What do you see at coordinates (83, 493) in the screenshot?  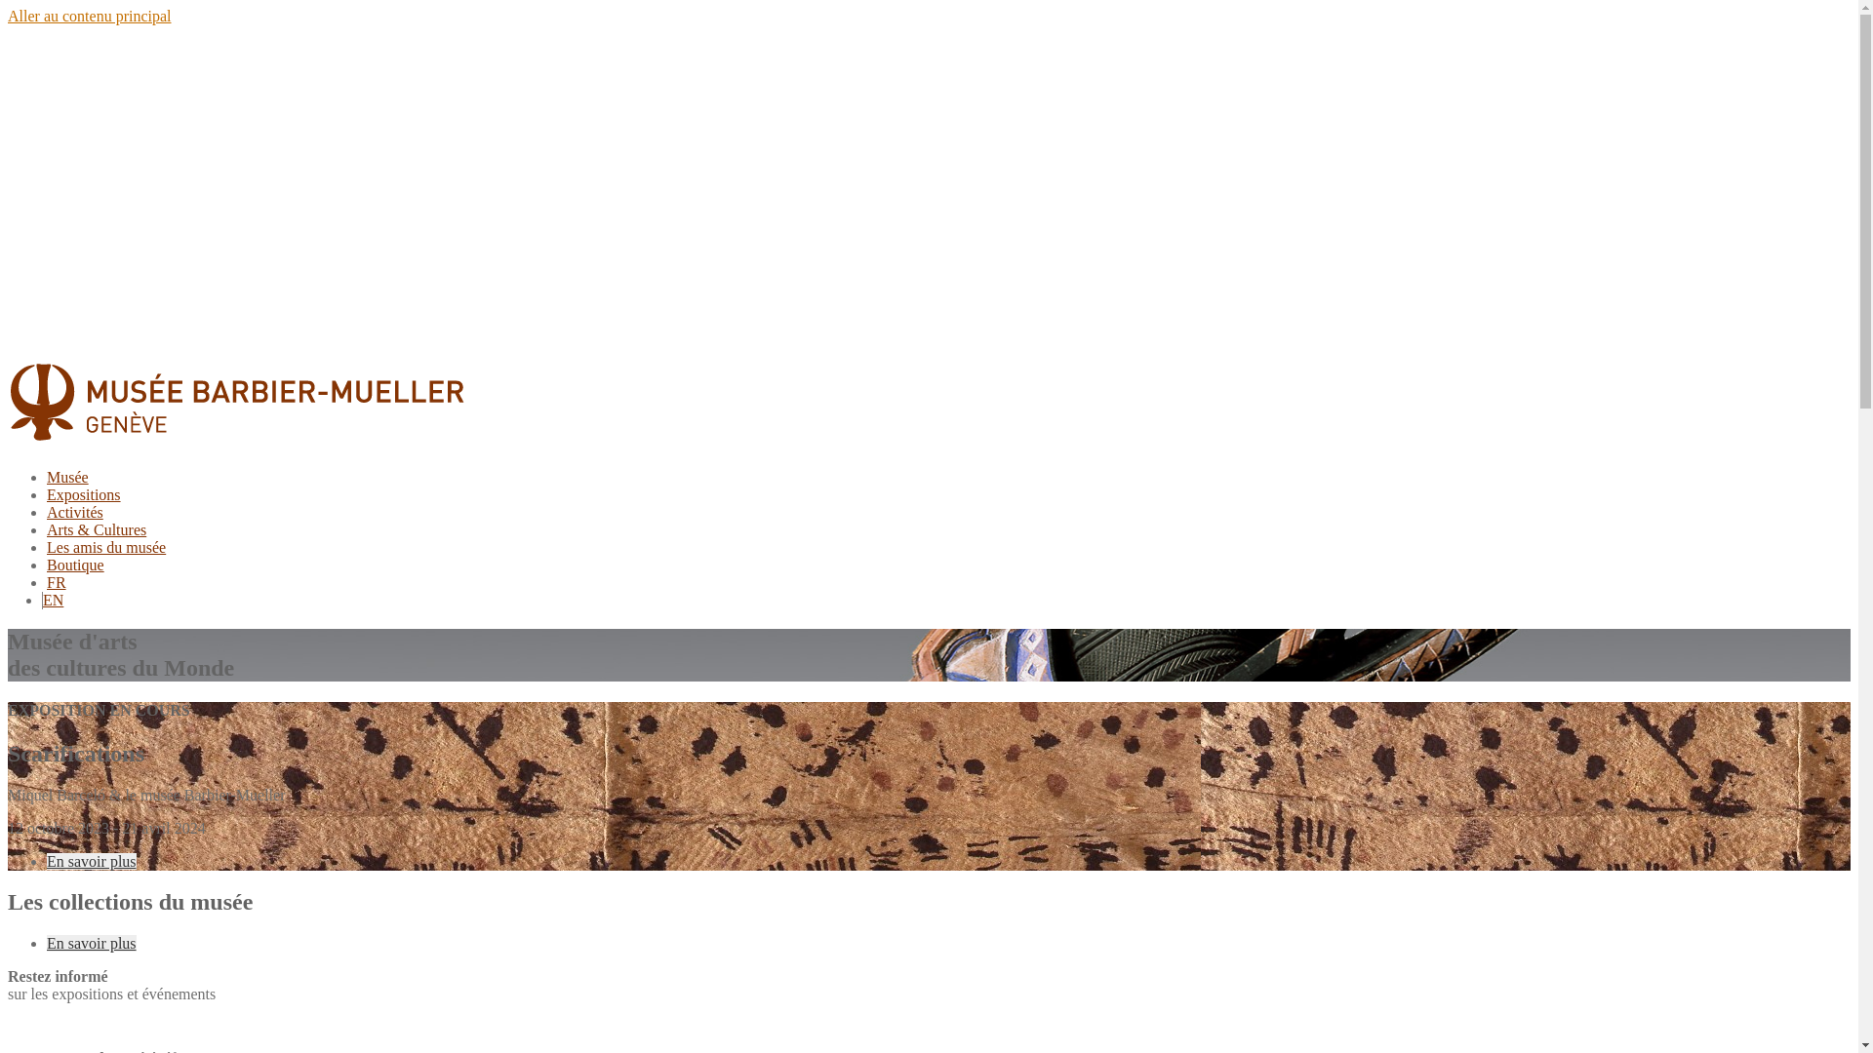 I see `'Expositions'` at bounding box center [83, 493].